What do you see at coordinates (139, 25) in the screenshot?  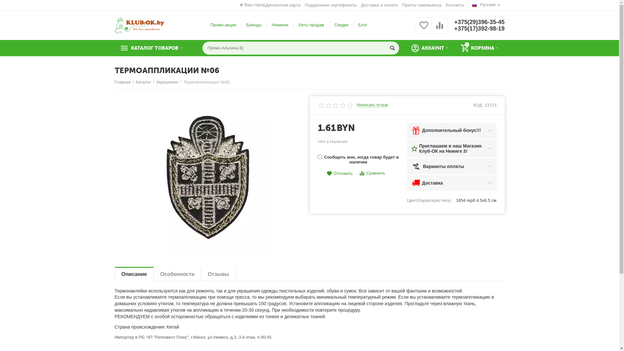 I see `'Klub-ok.by'` at bounding box center [139, 25].